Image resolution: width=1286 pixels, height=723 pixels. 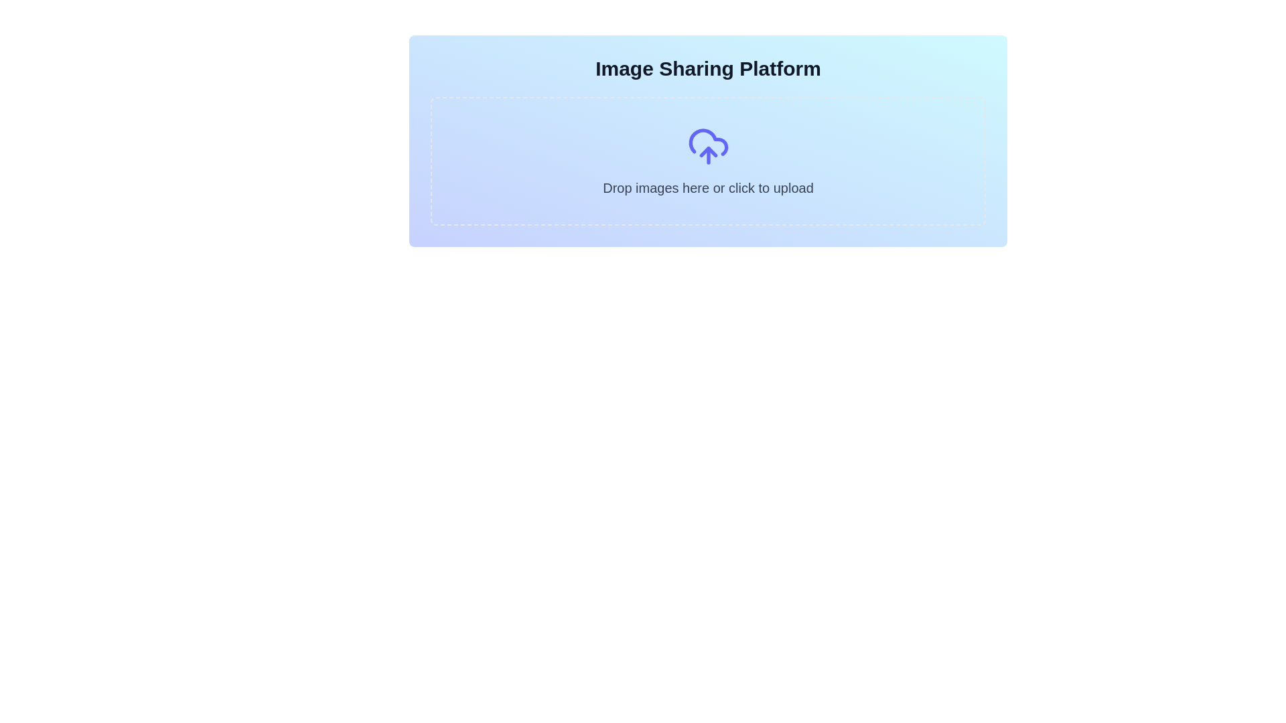 What do you see at coordinates (707, 141) in the screenshot?
I see `an image file into the Interactive file upload section identified by its gradient background and text 'Drop images here or click` at bounding box center [707, 141].